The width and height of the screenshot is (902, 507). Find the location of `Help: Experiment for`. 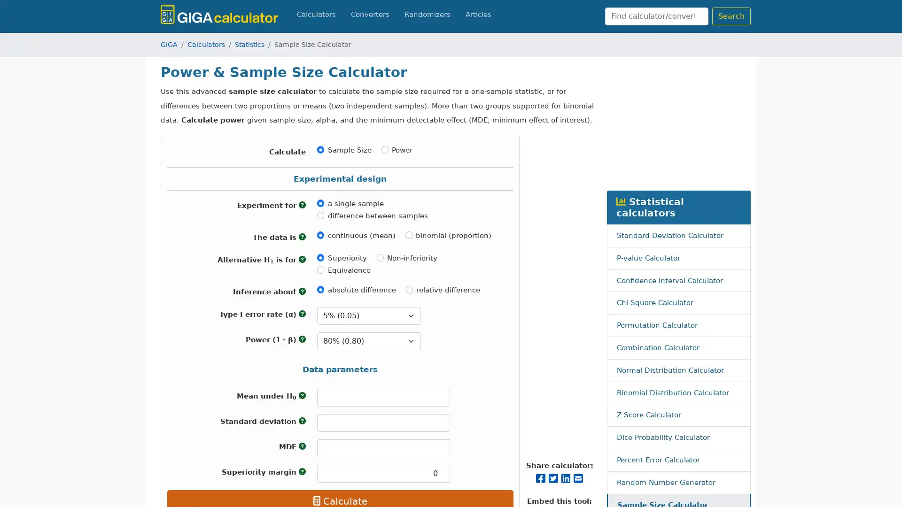

Help: Experiment for is located at coordinates (302, 204).